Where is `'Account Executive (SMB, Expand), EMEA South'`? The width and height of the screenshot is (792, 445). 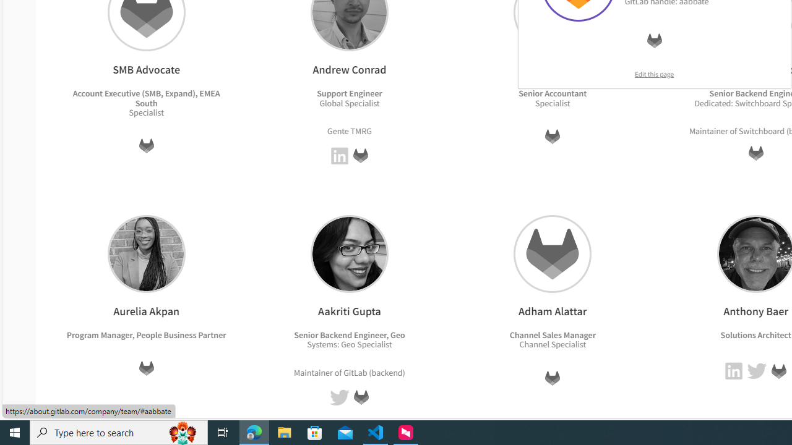
'Account Executive (SMB, Expand), EMEA South' is located at coordinates (146, 97).